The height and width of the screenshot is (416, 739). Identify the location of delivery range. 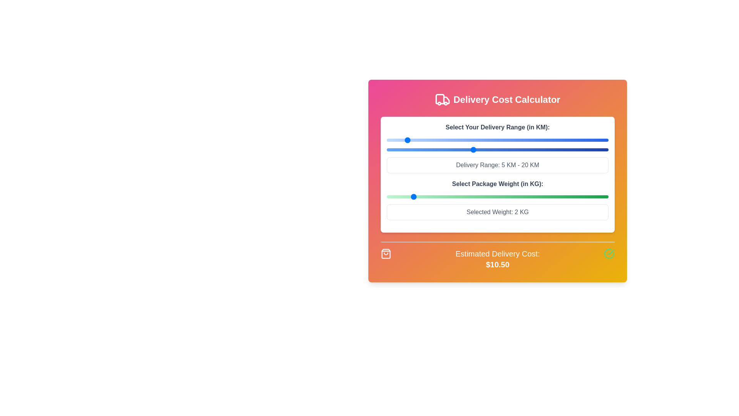
(554, 150).